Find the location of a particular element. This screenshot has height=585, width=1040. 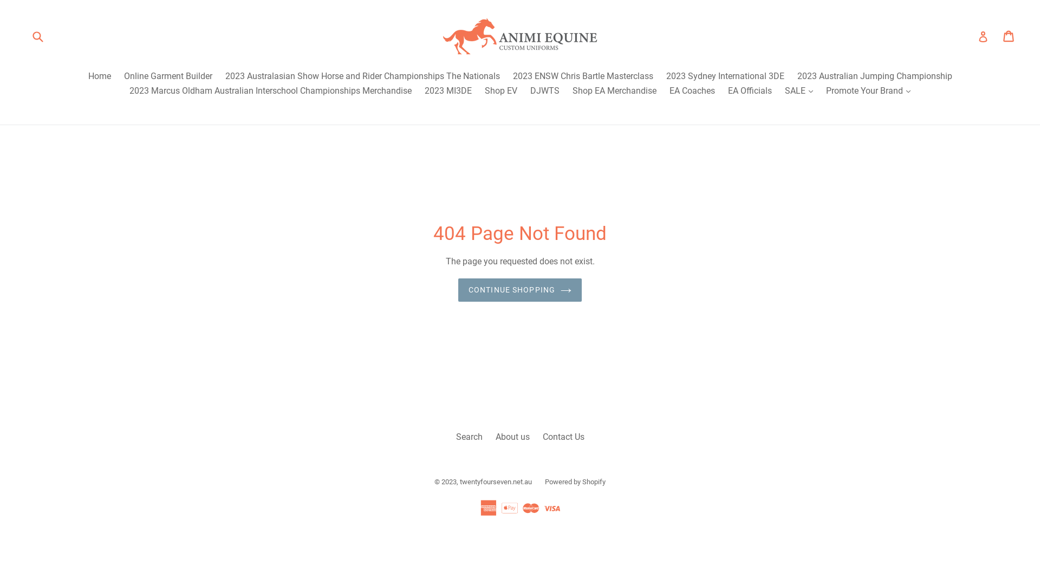

'About us' is located at coordinates (511, 436).